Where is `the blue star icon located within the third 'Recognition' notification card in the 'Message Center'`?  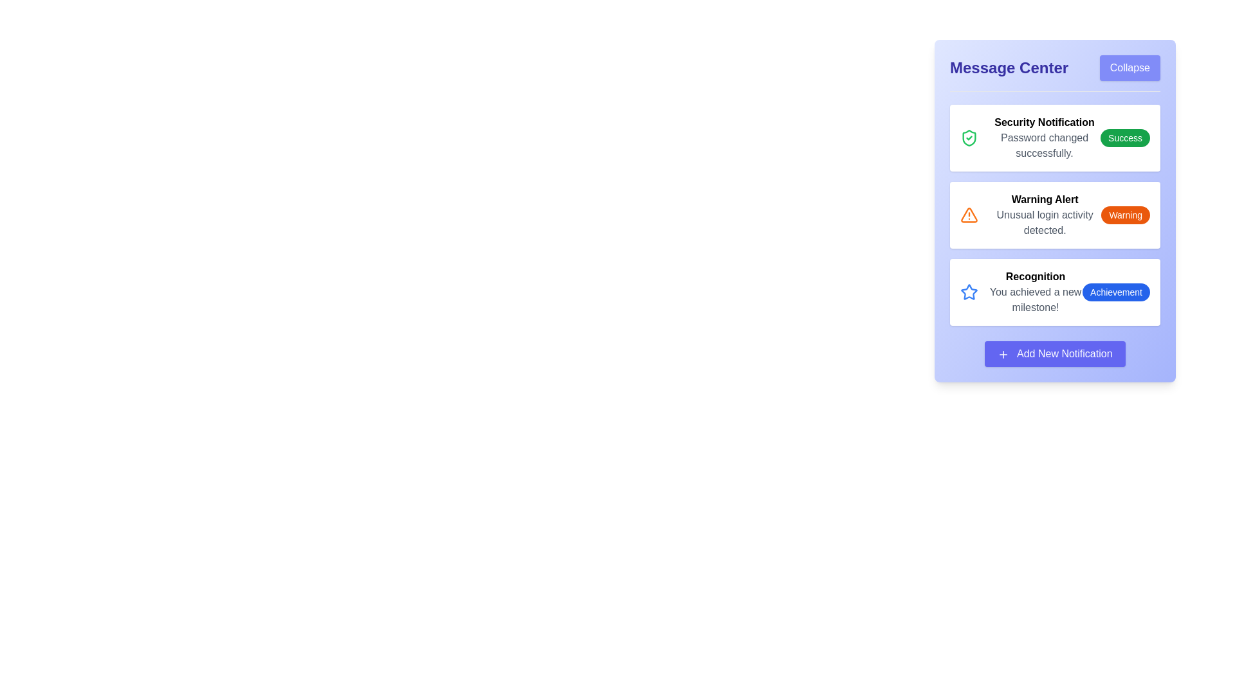
the blue star icon located within the third 'Recognition' notification card in the 'Message Center' is located at coordinates (969, 292).